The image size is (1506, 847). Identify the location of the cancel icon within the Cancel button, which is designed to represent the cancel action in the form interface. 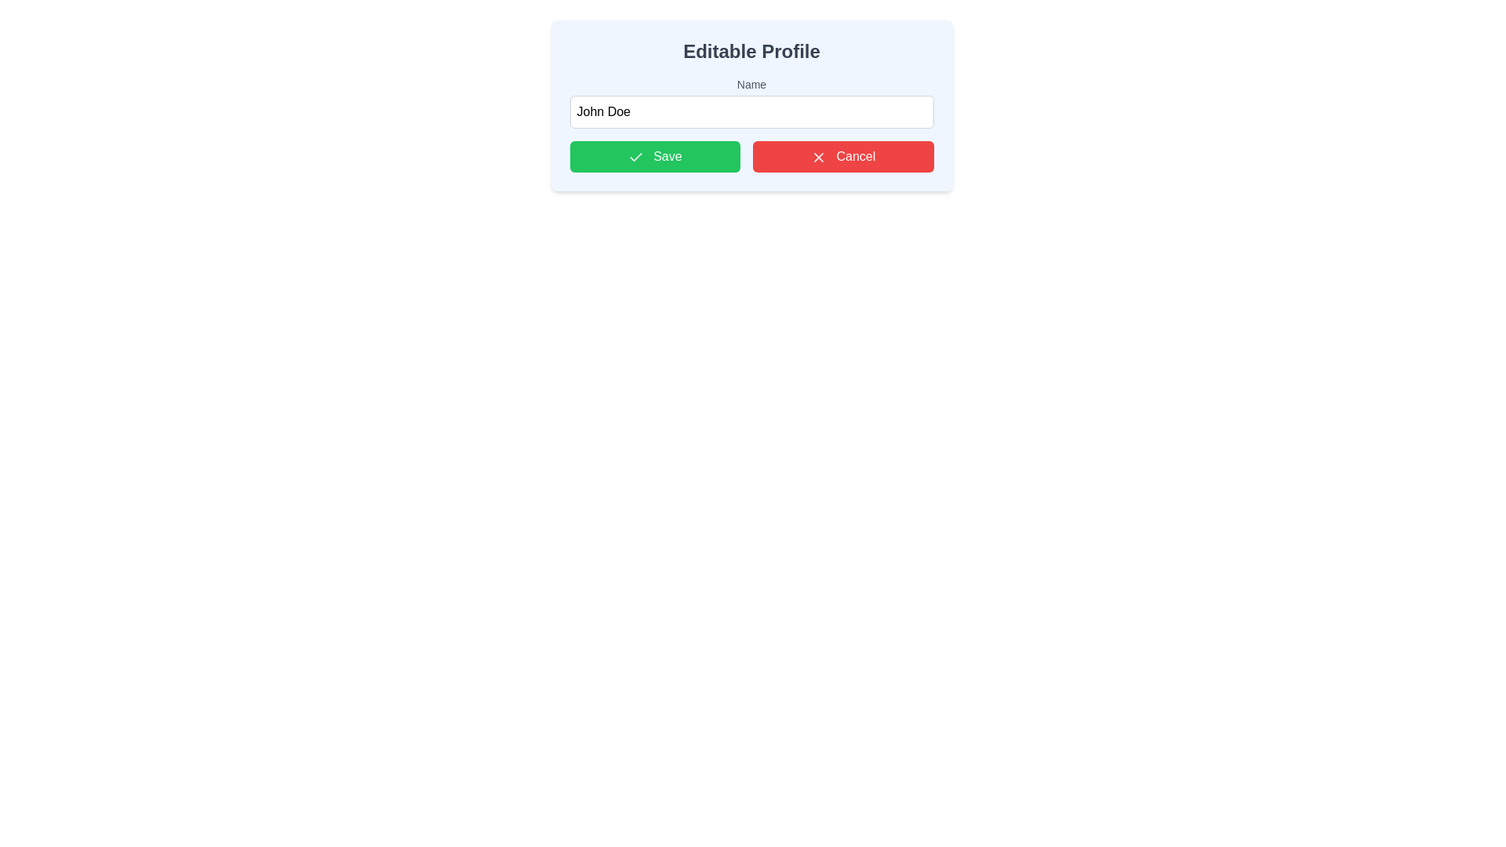
(818, 157).